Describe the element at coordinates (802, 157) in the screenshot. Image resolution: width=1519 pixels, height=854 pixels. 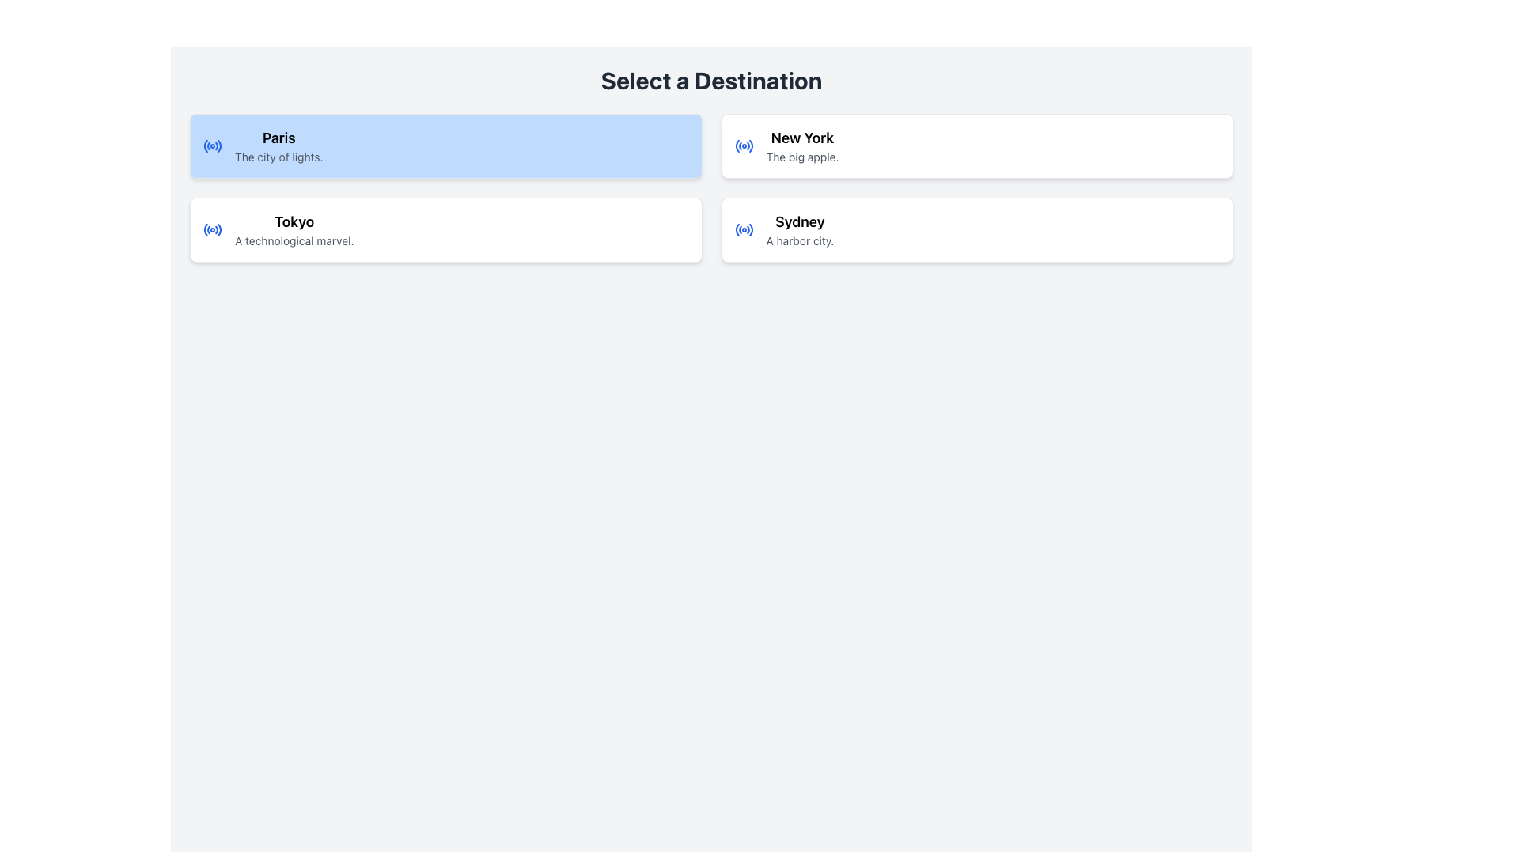
I see `the non-interactive text label providing descriptive information about 'New York', situated in the bottom half of the card labeled 'New York'` at that location.